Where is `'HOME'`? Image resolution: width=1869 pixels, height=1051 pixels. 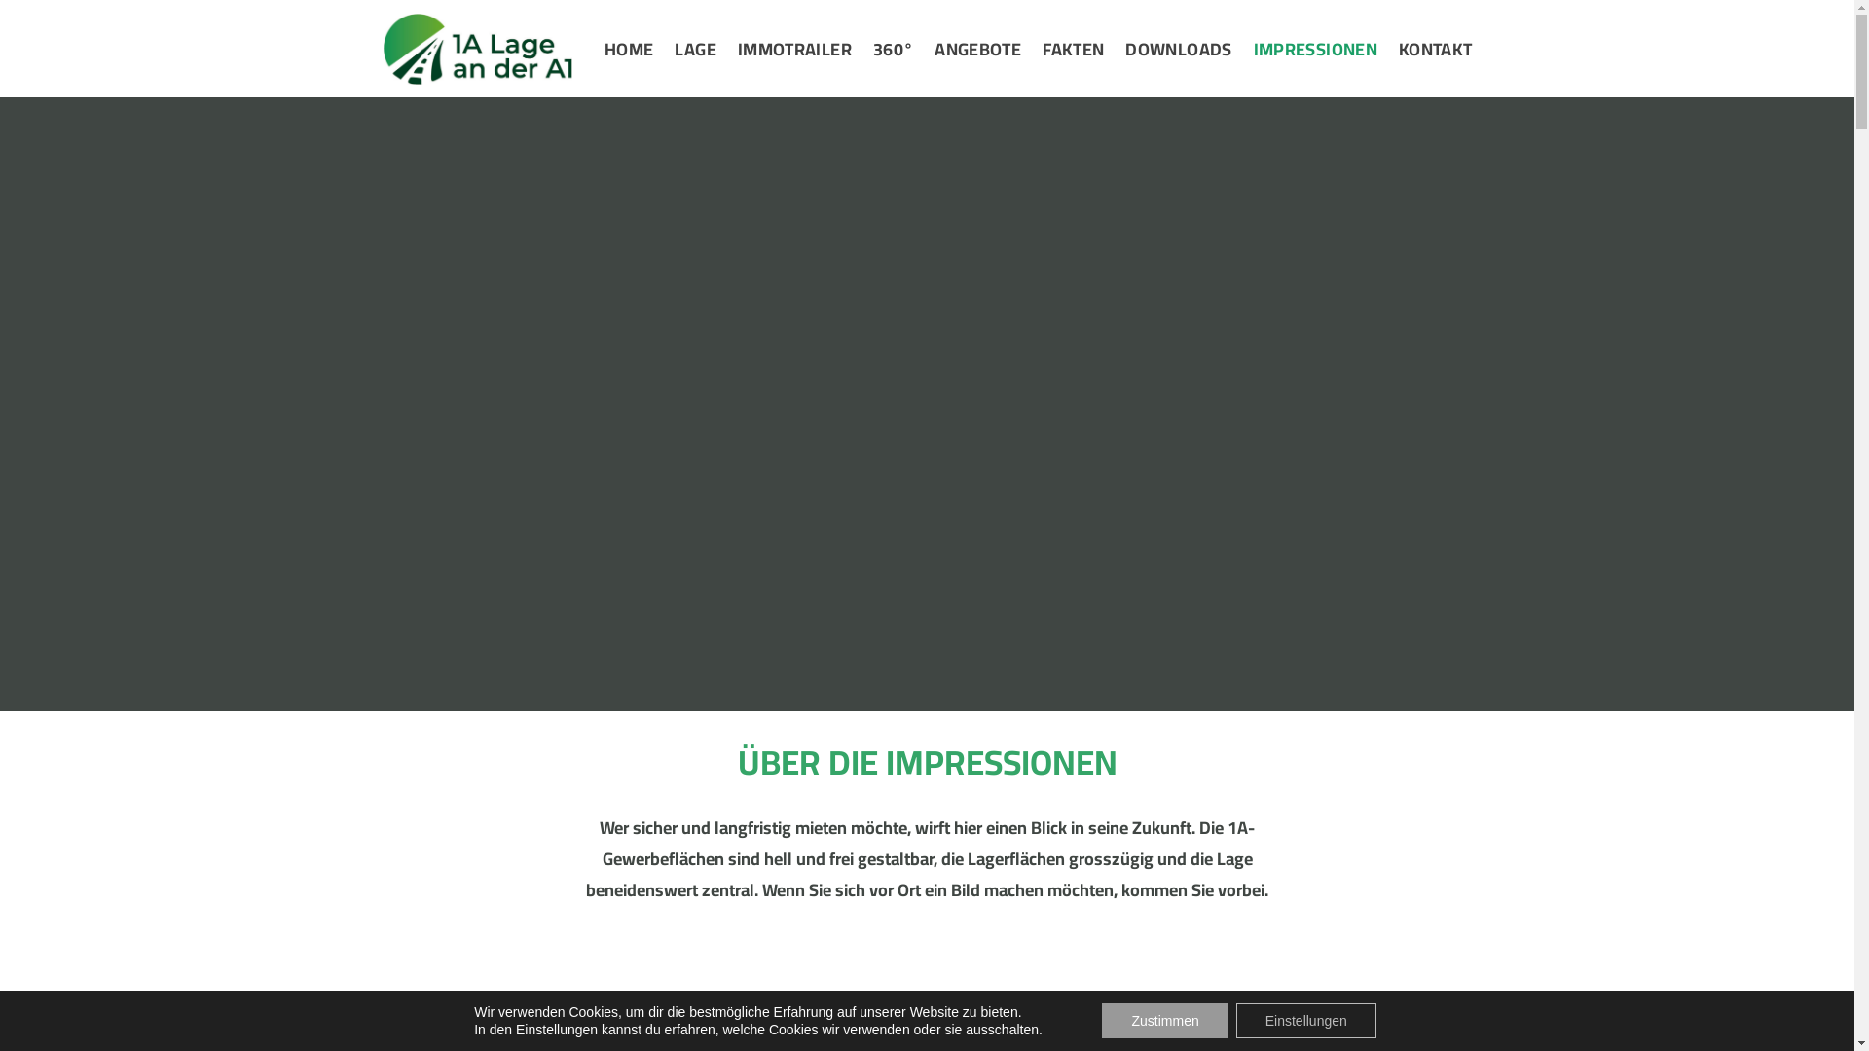 'HOME' is located at coordinates (629, 48).